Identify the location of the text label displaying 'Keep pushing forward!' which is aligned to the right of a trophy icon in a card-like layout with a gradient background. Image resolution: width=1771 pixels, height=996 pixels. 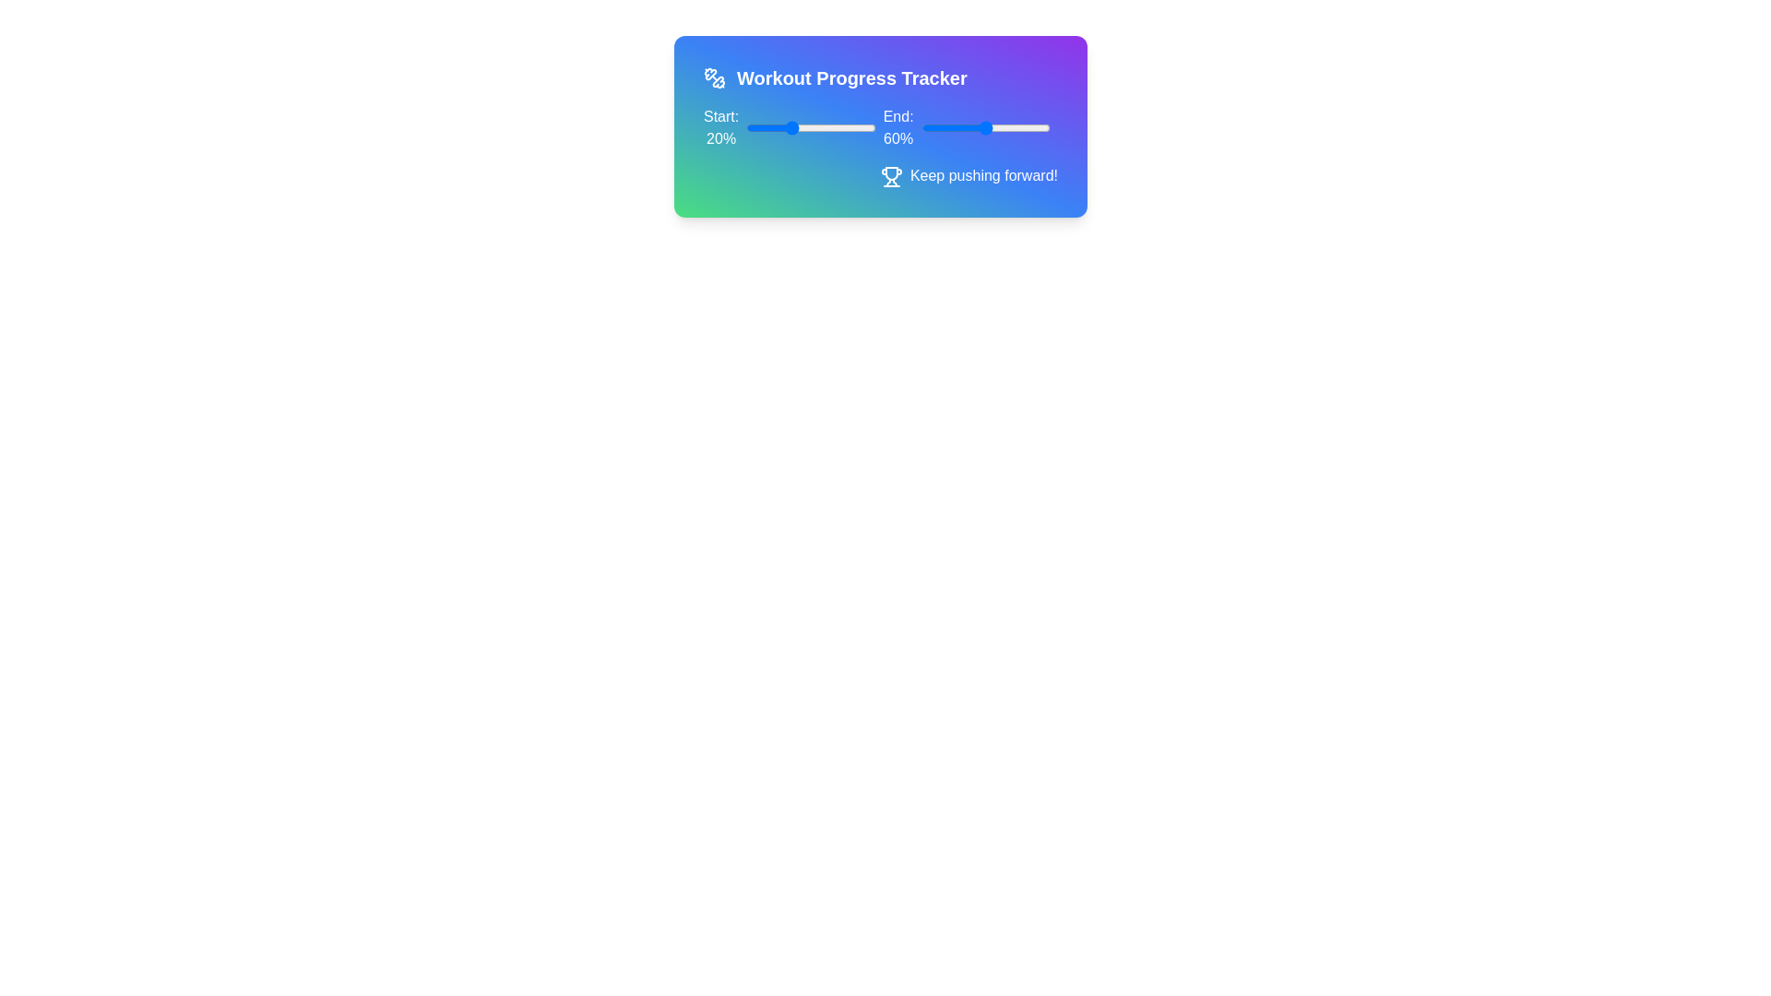
(982, 175).